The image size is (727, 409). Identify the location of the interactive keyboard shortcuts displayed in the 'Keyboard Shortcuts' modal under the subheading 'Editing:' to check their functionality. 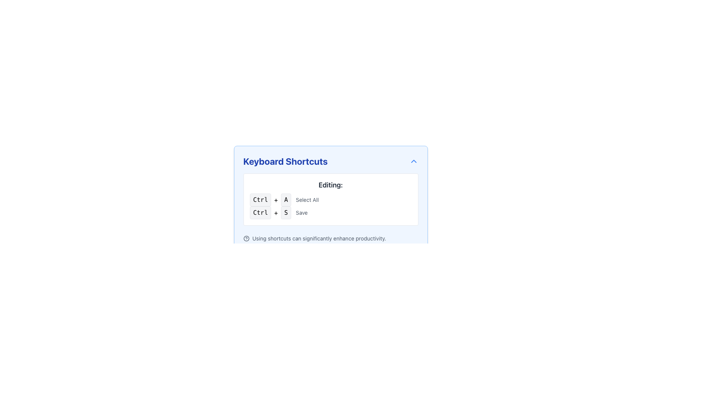
(331, 206).